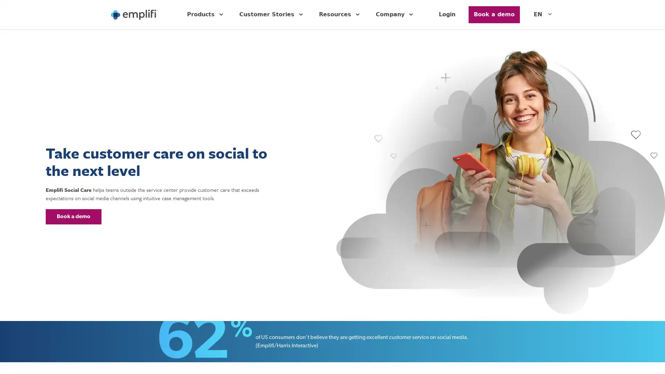 This screenshot has width=665, height=374. Describe the element at coordinates (73, 216) in the screenshot. I see `Button` at that location.